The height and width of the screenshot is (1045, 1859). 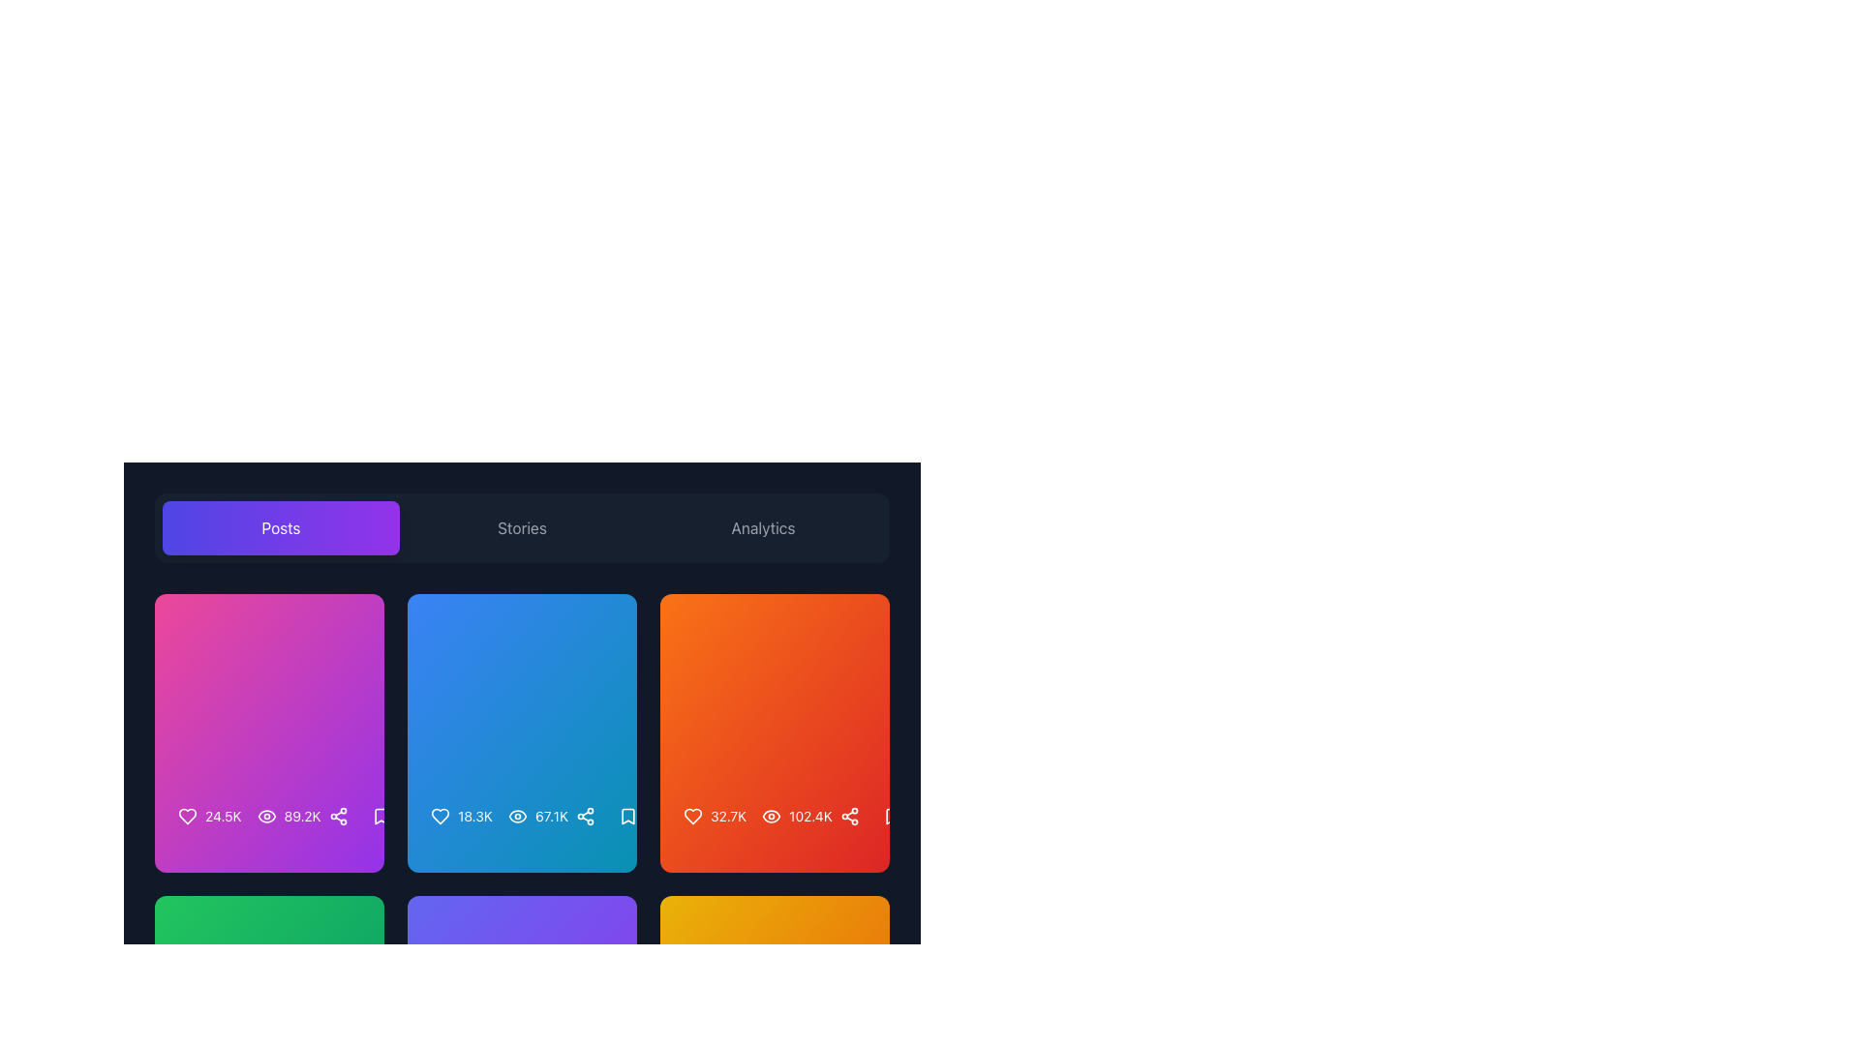 What do you see at coordinates (474, 817) in the screenshot?
I see `the static label displaying the numeric information '18.3K', which is located immediately to the right of the heart icon` at bounding box center [474, 817].